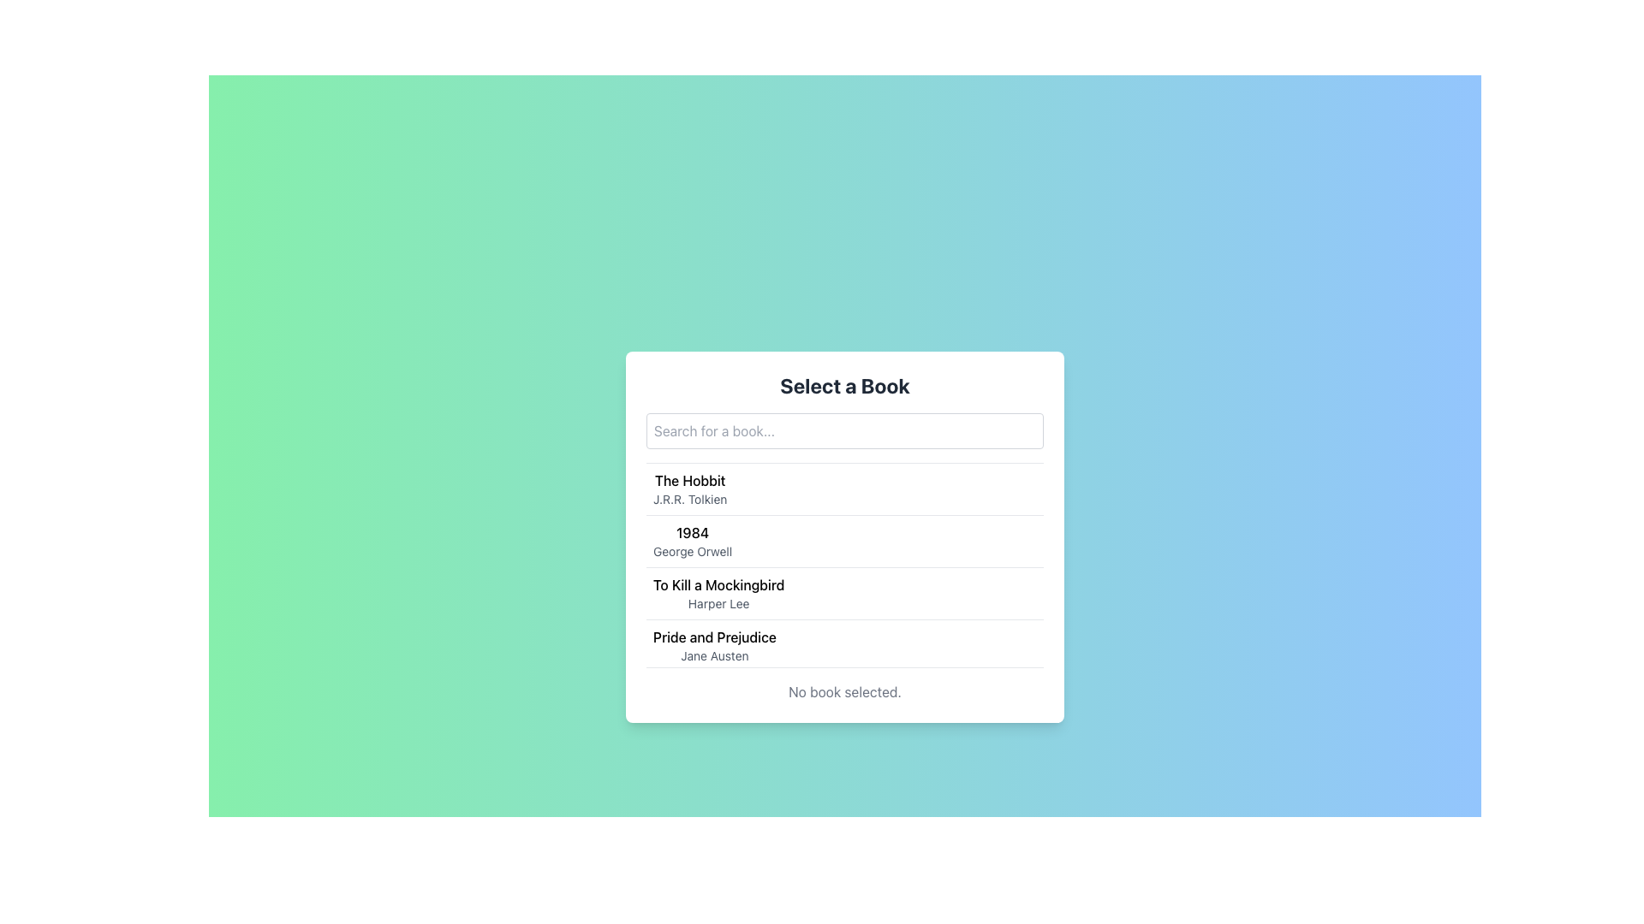 This screenshot has width=1644, height=924. I want to click on the book title label that identifies the book in the list, located above the 'George Orwell' author name text, so click(693, 532).